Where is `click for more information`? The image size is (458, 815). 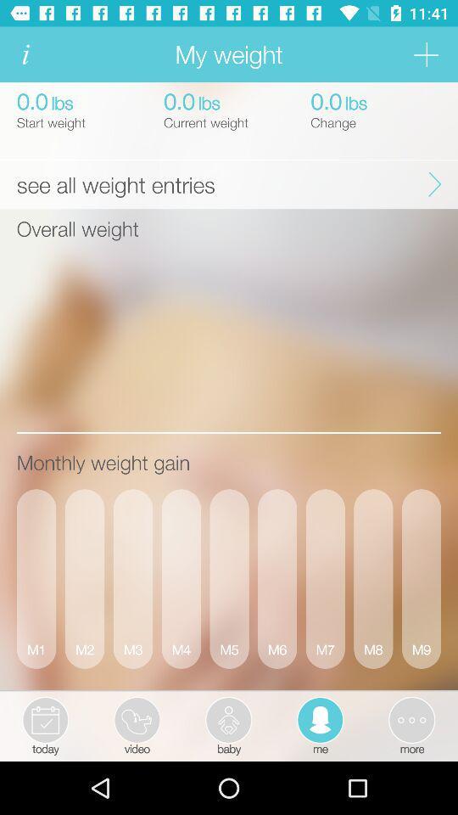 click for more information is located at coordinates (25, 54).